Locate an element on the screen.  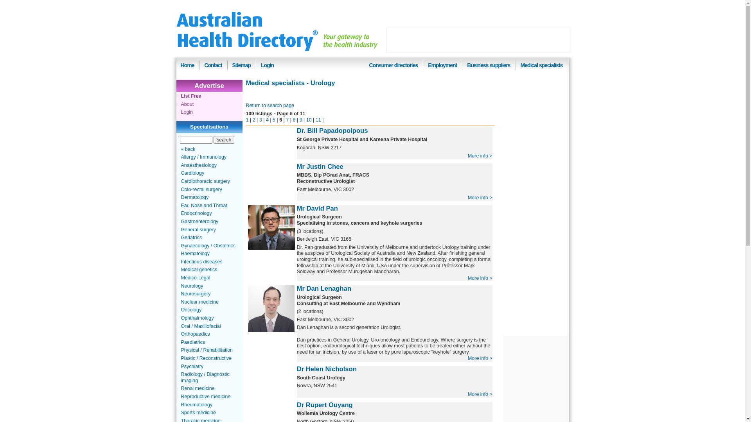
'About' is located at coordinates (187, 104).